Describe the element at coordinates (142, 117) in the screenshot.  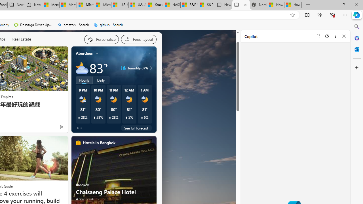
I see `'Class: weather-current-precipitation-glyph'` at that location.